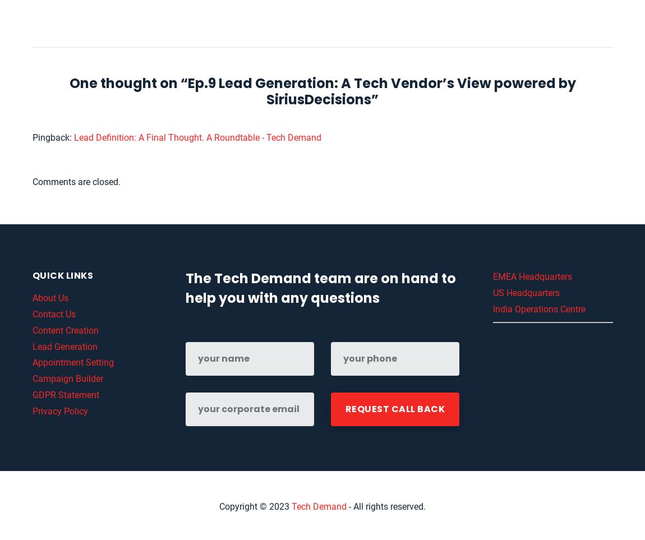 This screenshot has height=540, width=645. I want to click on 'Quick links', so click(62, 275).